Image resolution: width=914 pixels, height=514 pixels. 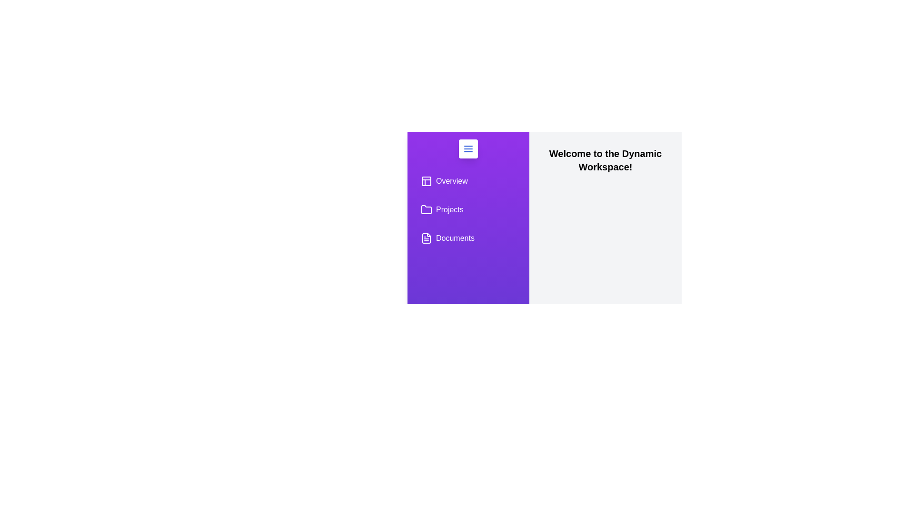 I want to click on the text 'Welcome to the Dynamic Workspace!' in the main content area, so click(x=544, y=147).